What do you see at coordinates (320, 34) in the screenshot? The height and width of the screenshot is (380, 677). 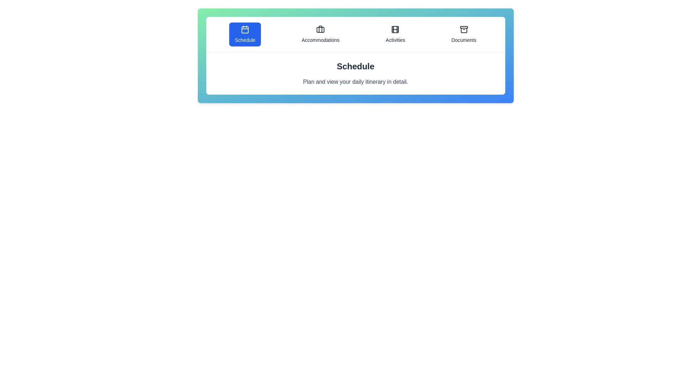 I see `the Accommodations tab to switch to it` at bounding box center [320, 34].